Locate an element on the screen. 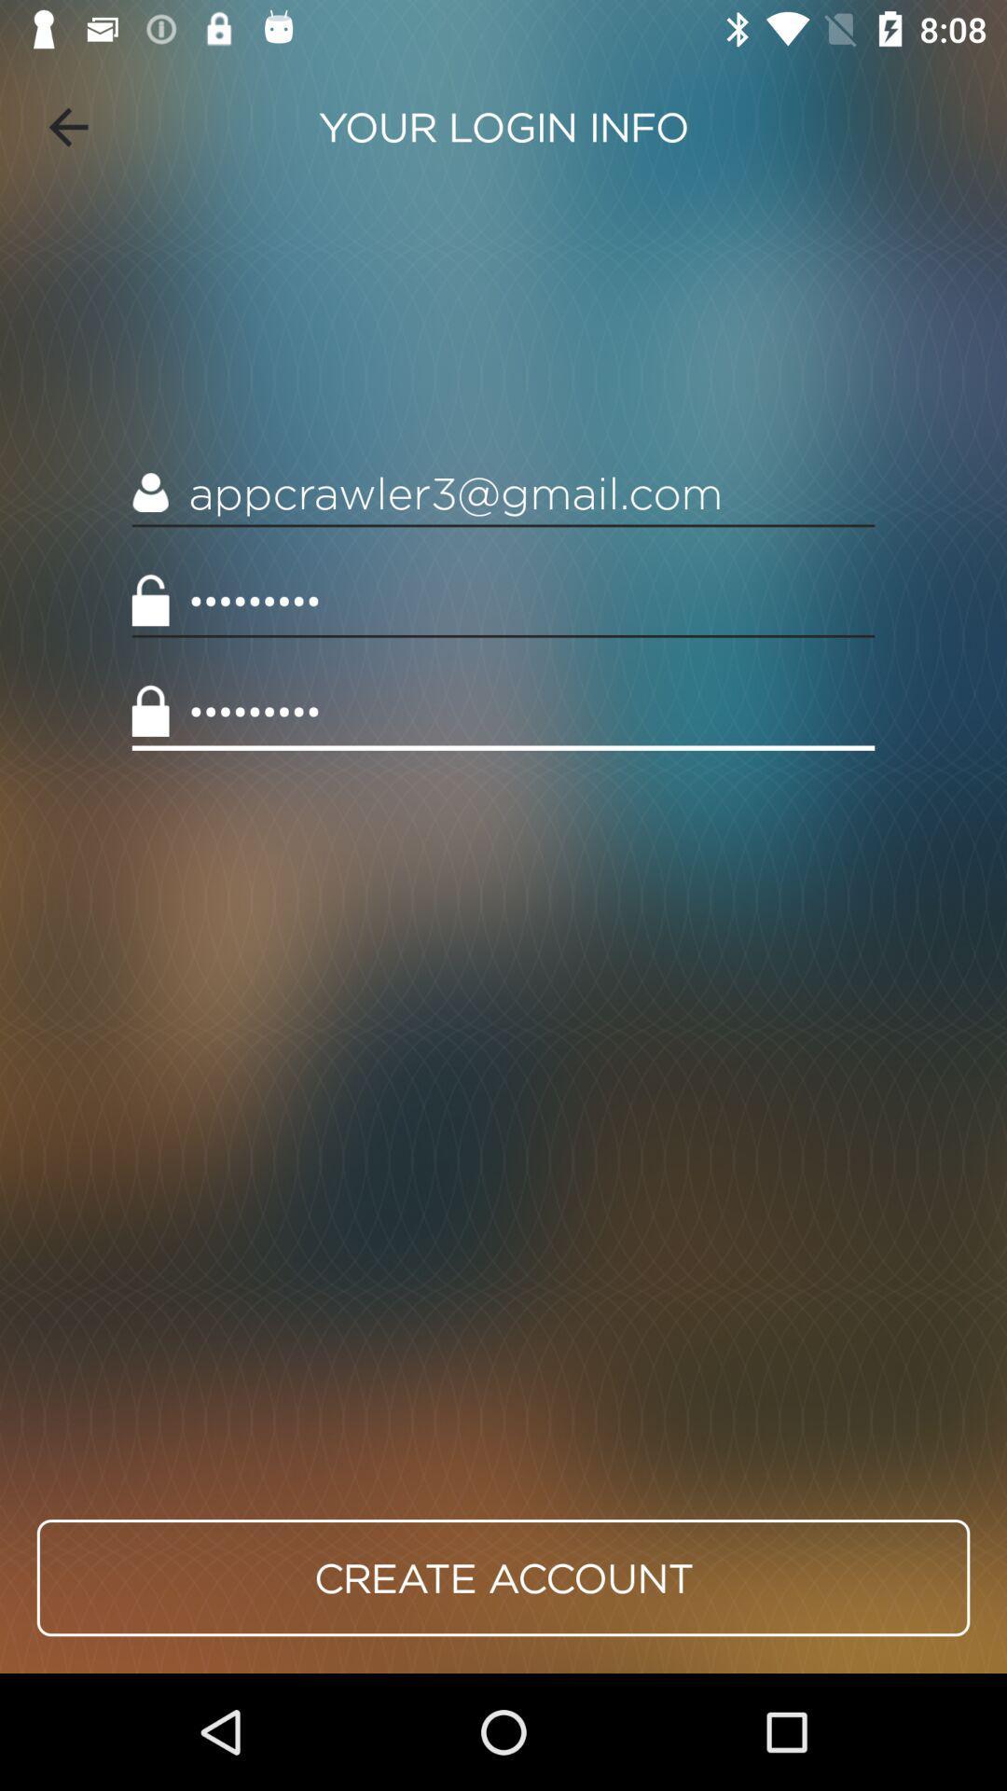 The image size is (1007, 1791). appcrawler3@gmail.com icon is located at coordinates (504, 493).